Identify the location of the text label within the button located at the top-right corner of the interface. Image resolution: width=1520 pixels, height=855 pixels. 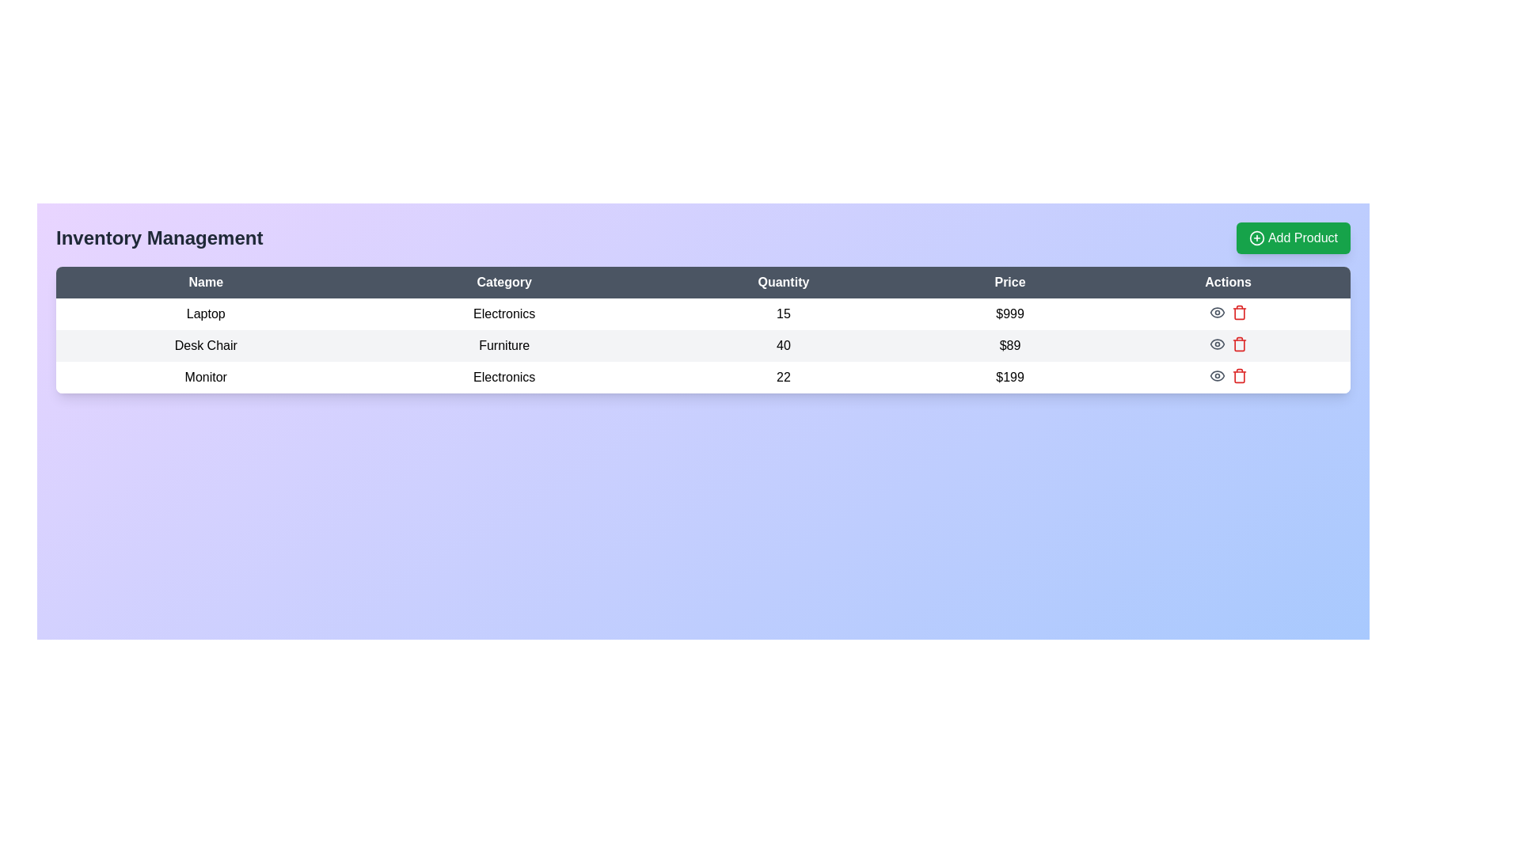
(1303, 237).